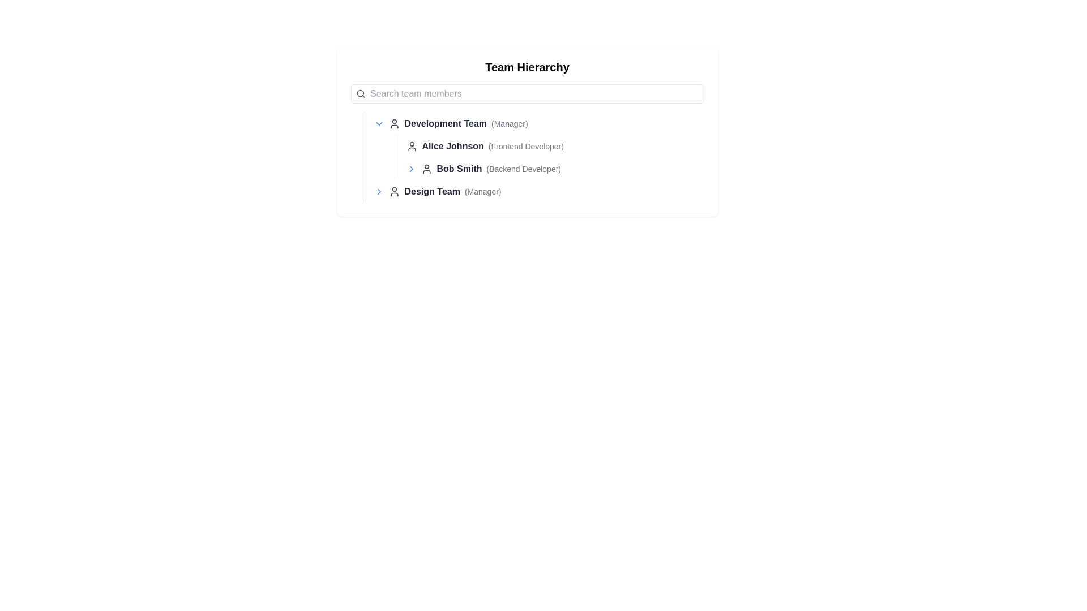  Describe the element at coordinates (538, 191) in the screenshot. I see `to select the team entry labeled 'Design Team (Manager)' in the 'Team Hierarchy' list` at that location.